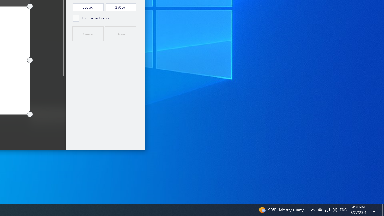 The width and height of the screenshot is (384, 216). What do you see at coordinates (120, 33) in the screenshot?
I see `'Done'` at bounding box center [120, 33].